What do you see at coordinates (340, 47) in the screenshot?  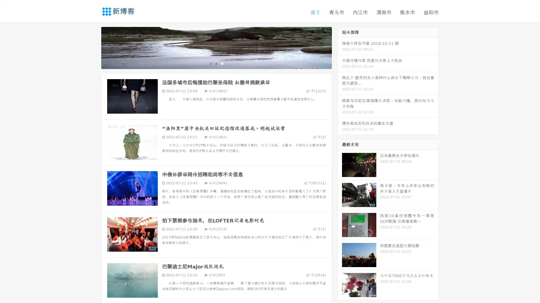 I see `Next slide` at bounding box center [340, 47].